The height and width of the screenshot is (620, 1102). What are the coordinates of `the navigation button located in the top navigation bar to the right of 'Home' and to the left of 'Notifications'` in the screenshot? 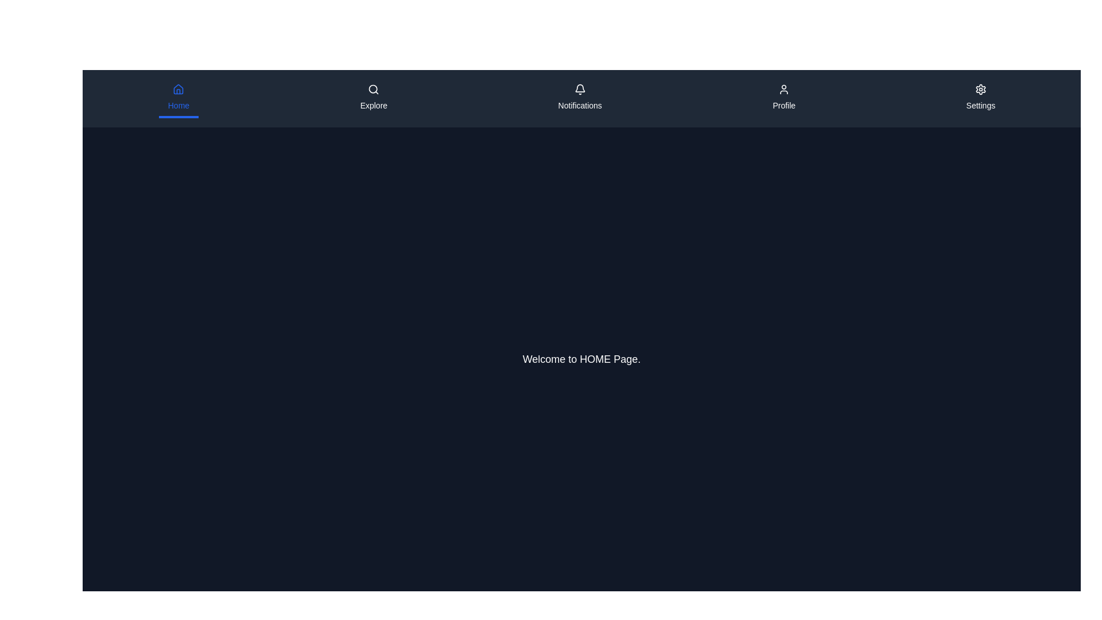 It's located at (374, 98).